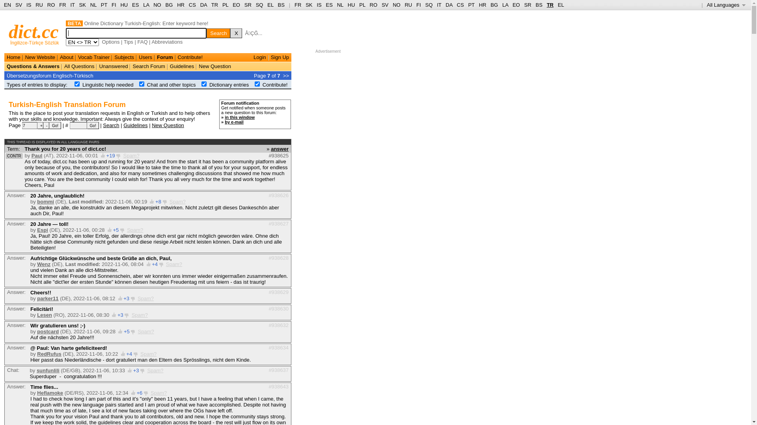  What do you see at coordinates (45, 201) in the screenshot?
I see `'bommi'` at bounding box center [45, 201].